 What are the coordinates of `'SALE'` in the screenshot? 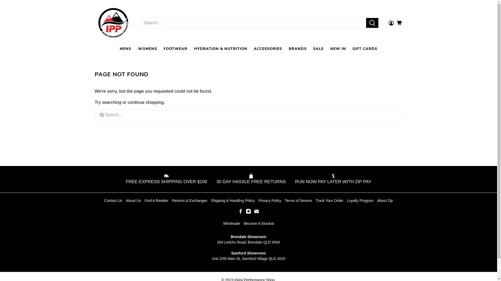 It's located at (318, 49).